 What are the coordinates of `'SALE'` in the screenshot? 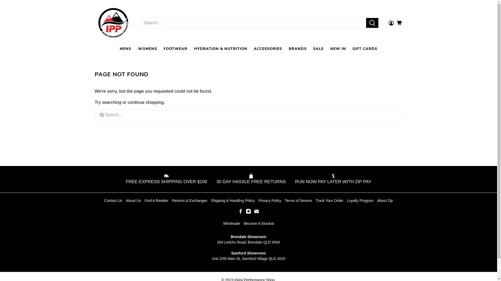 It's located at (318, 49).